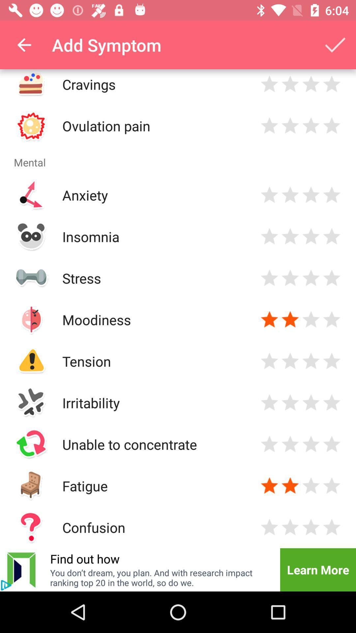 The height and width of the screenshot is (633, 356). I want to click on give a four star rating, so click(332, 527).